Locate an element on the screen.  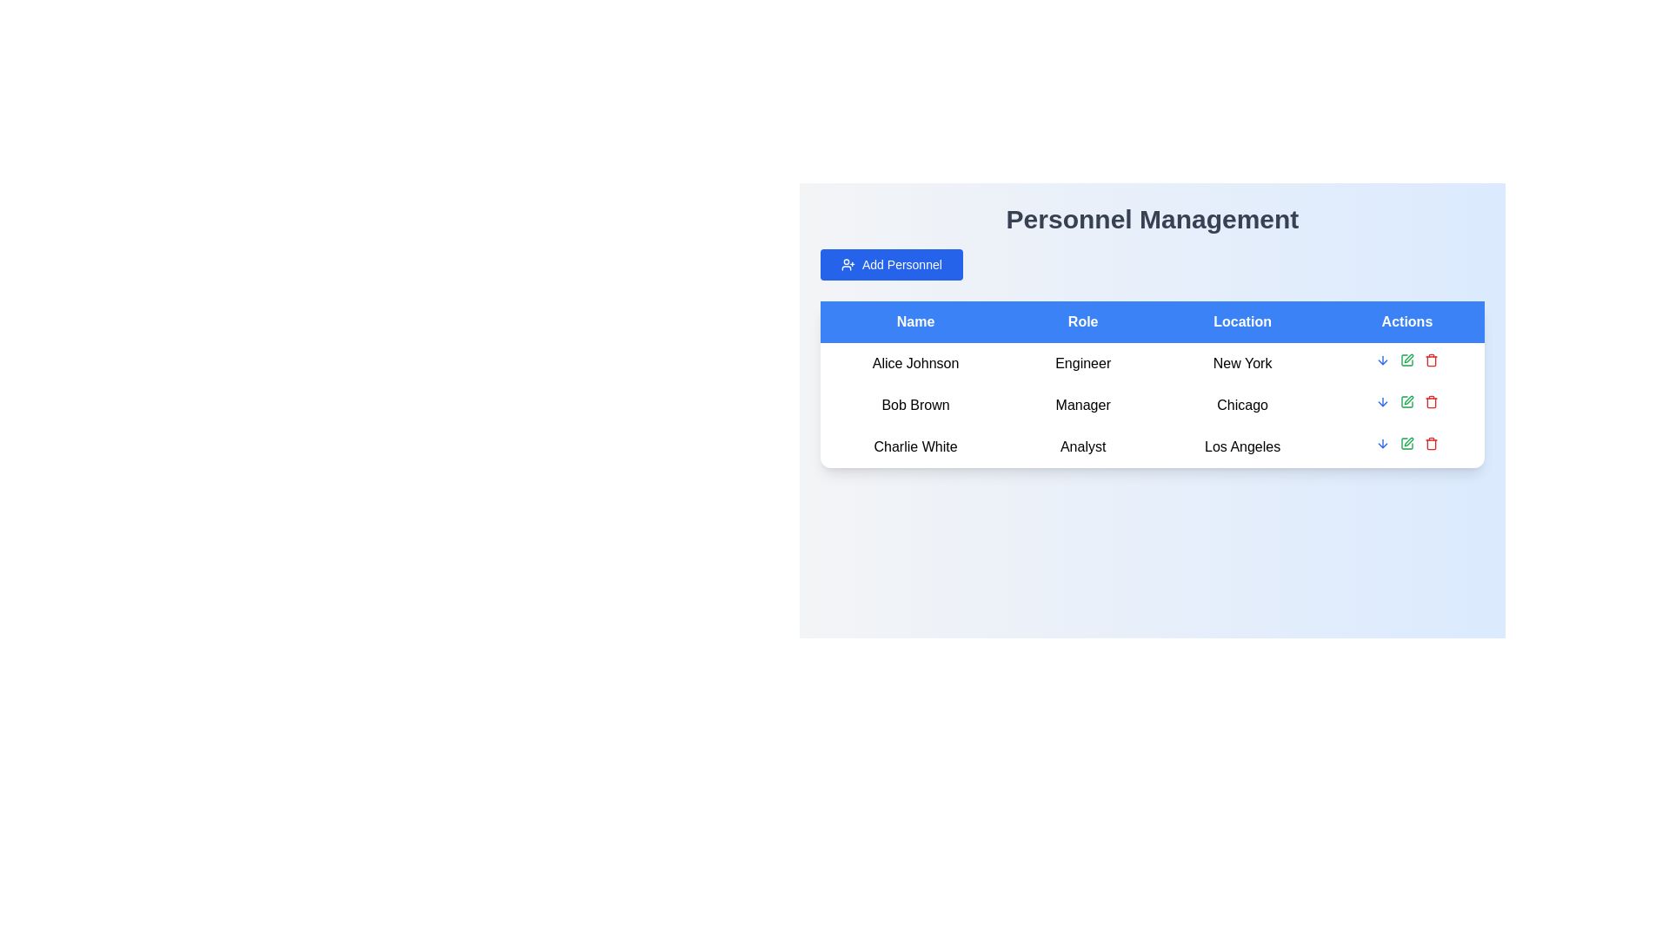
the text label identifying the role of 'Alice Johnson' in the second column of the first row of the table is located at coordinates (1082, 363).